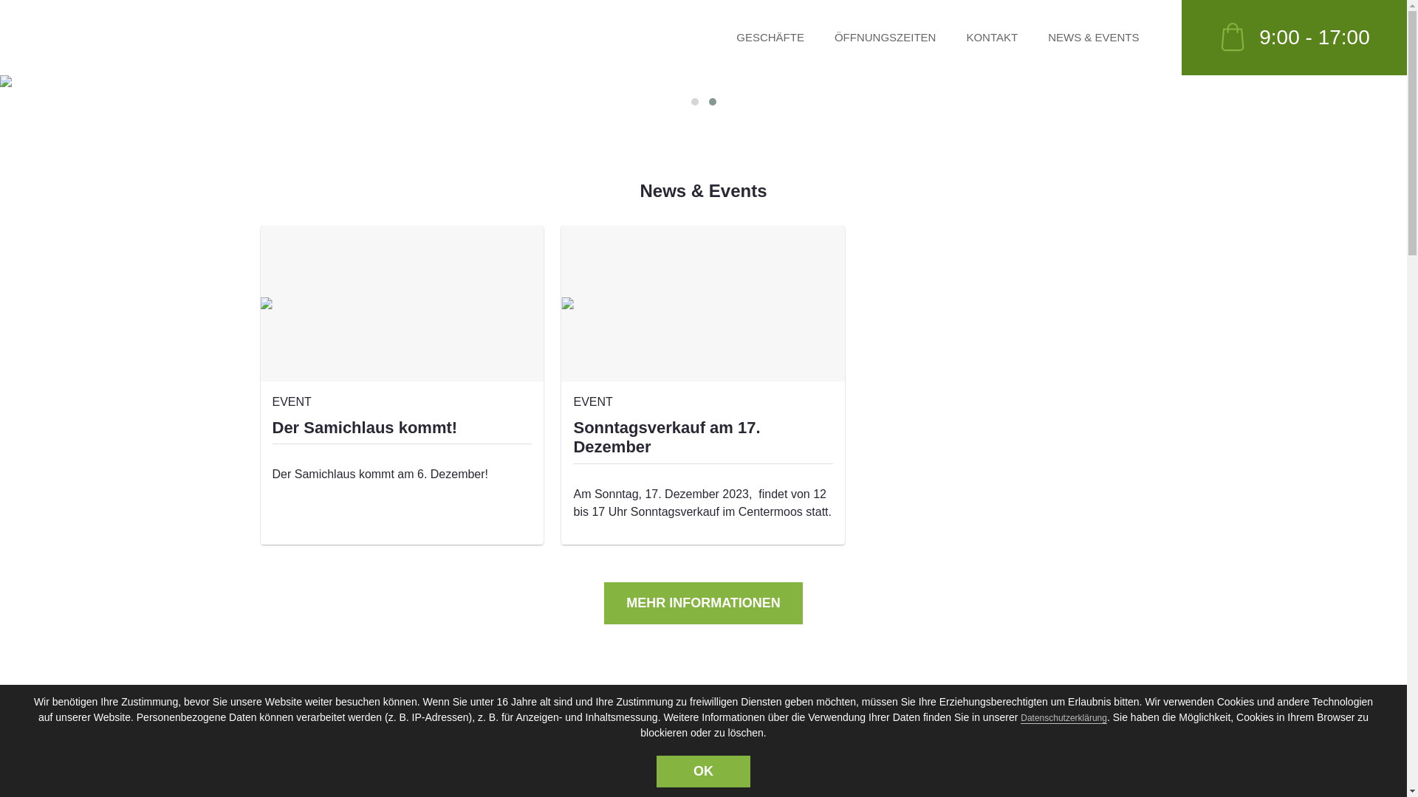 Image resolution: width=1418 pixels, height=797 pixels. I want to click on 'OK', so click(702, 770).